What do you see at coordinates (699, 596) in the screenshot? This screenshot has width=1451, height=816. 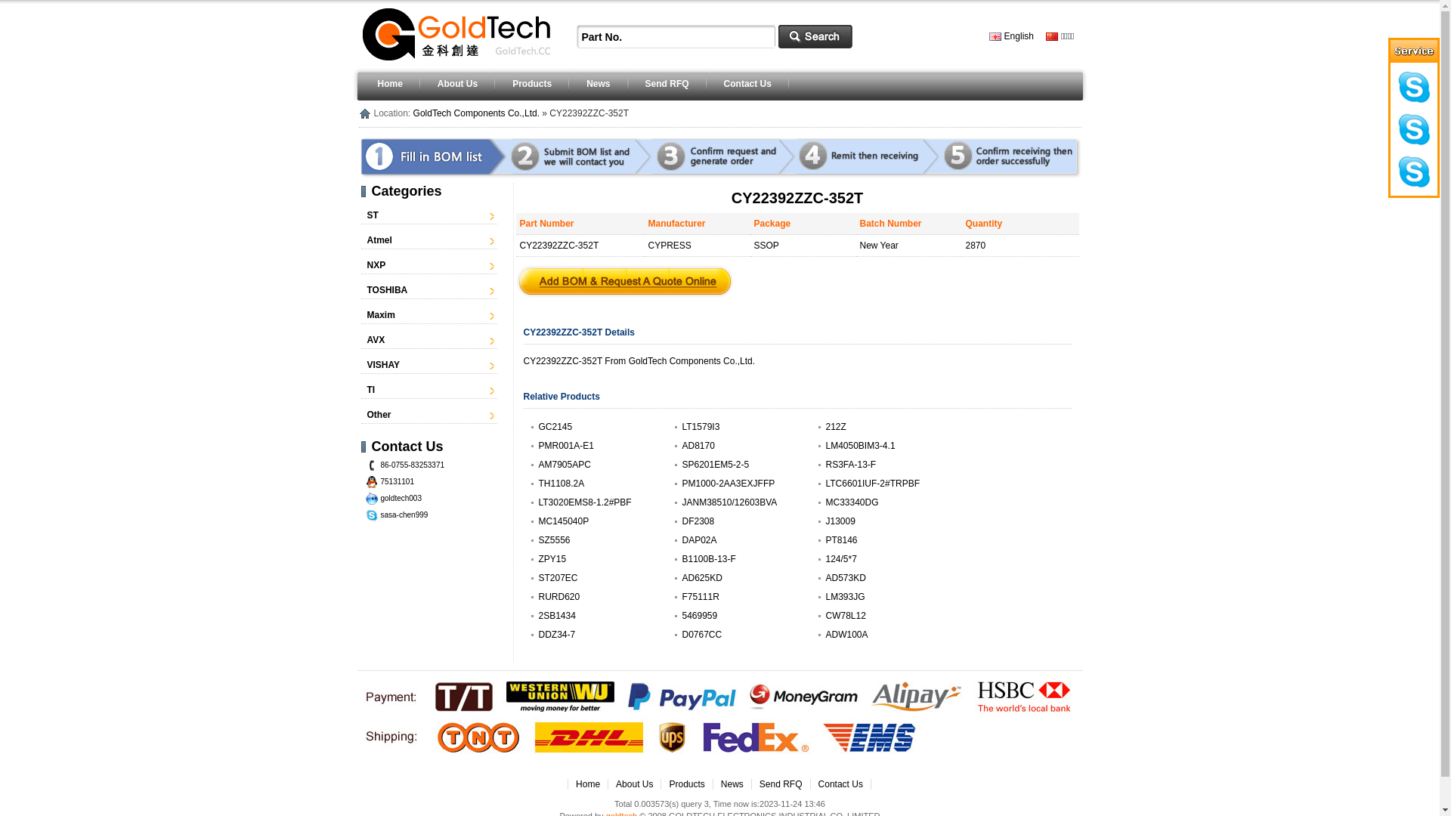 I see `'F75111R'` at bounding box center [699, 596].